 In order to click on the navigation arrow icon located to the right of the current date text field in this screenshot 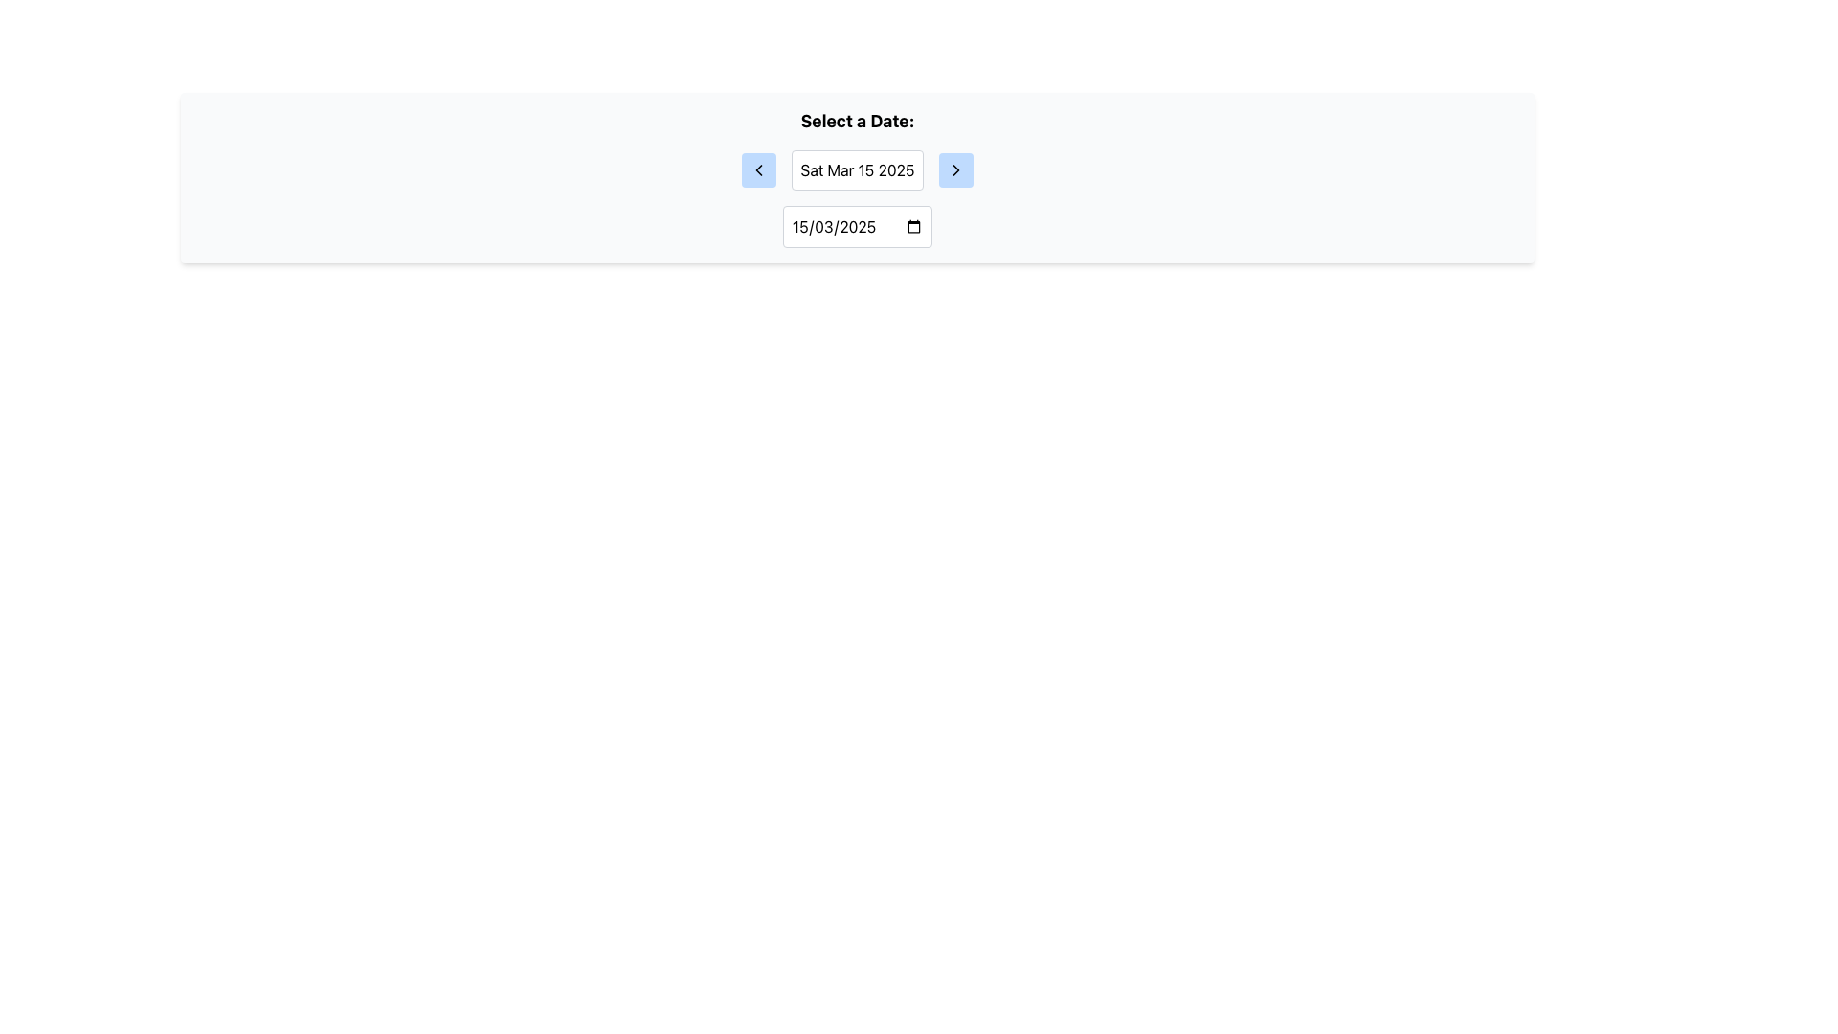, I will do `click(955, 169)`.